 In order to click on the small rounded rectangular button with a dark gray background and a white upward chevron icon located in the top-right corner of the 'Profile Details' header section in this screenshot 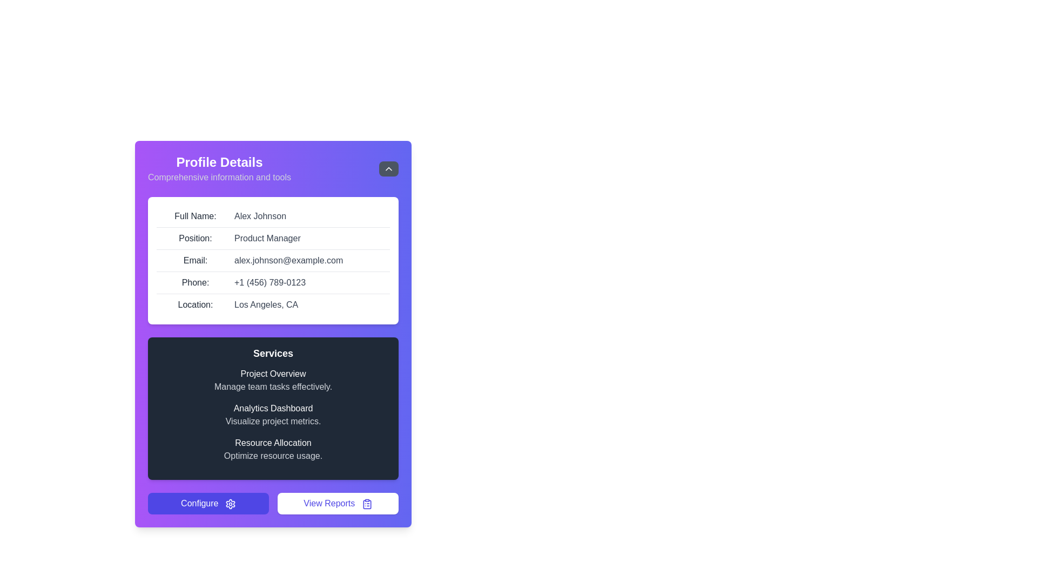, I will do `click(389, 168)`.